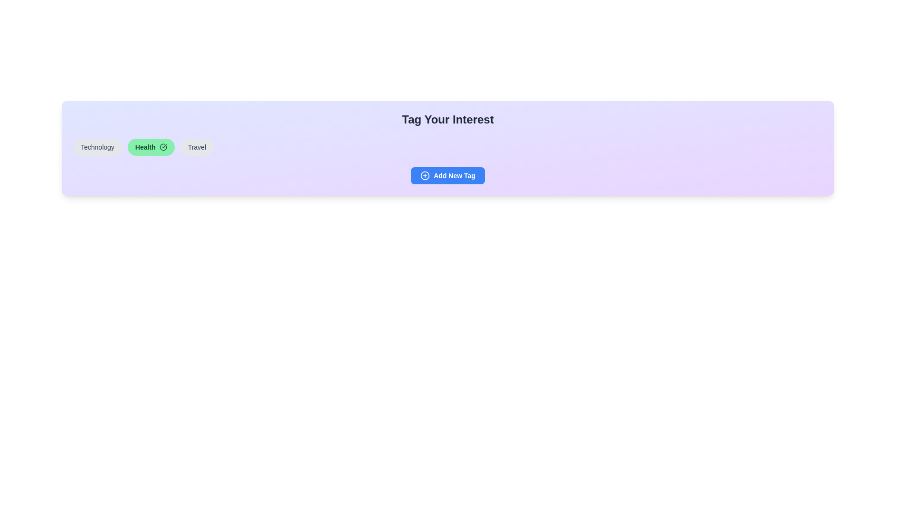 Image resolution: width=912 pixels, height=513 pixels. Describe the element at coordinates (97, 147) in the screenshot. I see `the pill-shaped button labeled 'Technology'` at that location.